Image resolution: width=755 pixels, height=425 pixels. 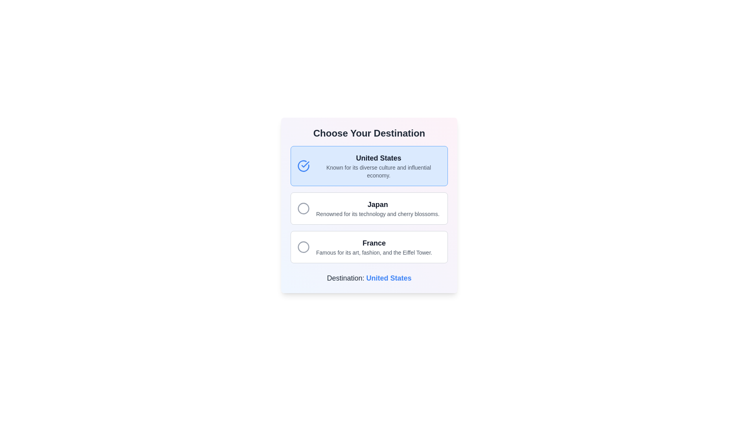 What do you see at coordinates (303, 165) in the screenshot?
I see `the circular checkmark icon with a blue outline and checkmark inside, located at the upper-left corner of the 'United States' option` at bounding box center [303, 165].